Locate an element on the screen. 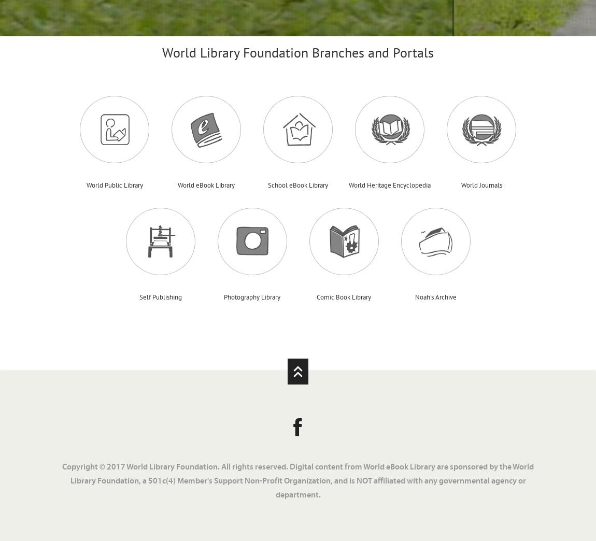  'Self Publishing' is located at coordinates (160, 296).